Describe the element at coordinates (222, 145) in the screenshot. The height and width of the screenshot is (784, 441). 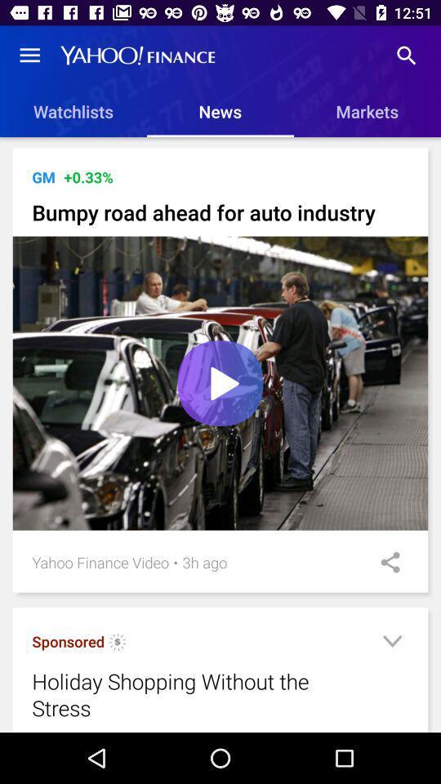
I see `the item below the watchlists` at that location.